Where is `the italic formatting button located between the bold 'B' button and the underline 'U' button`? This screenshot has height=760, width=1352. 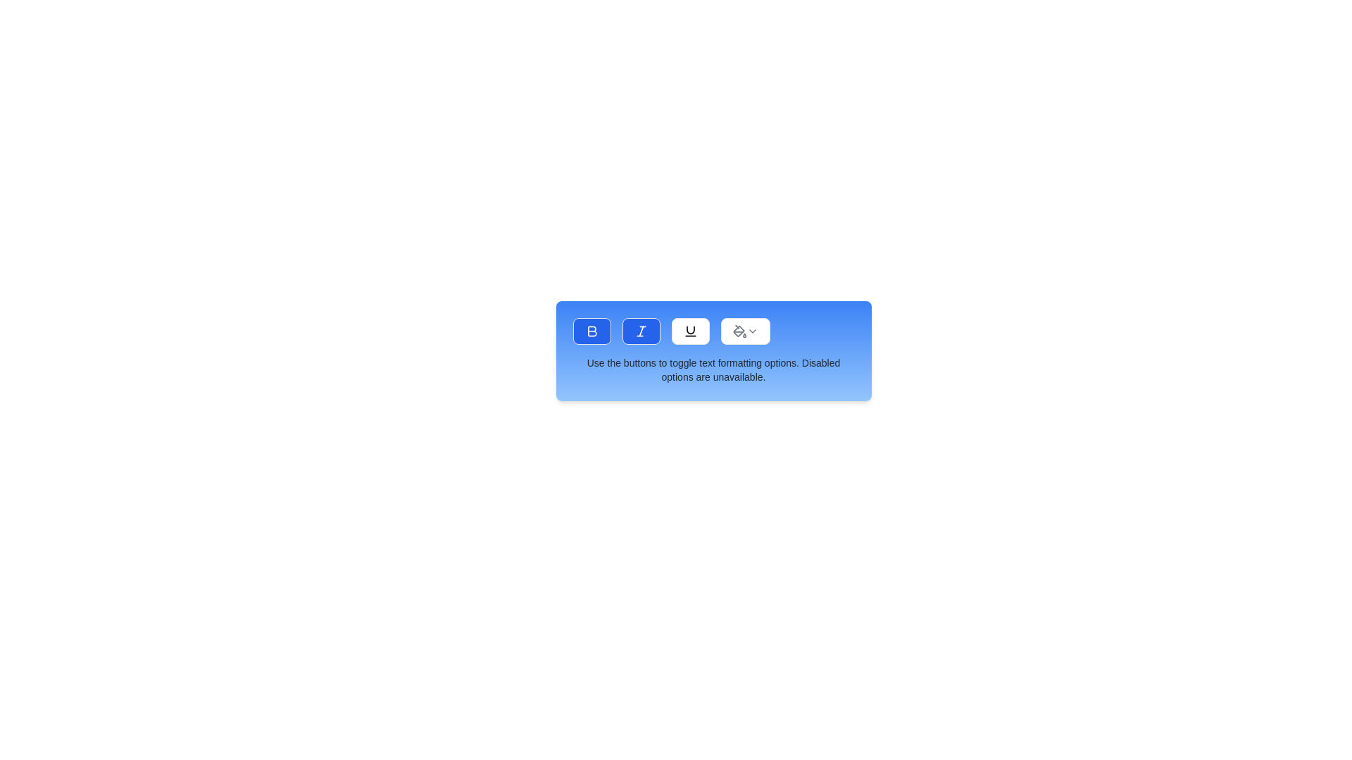 the italic formatting button located between the bold 'B' button and the underline 'U' button is located at coordinates (640, 331).